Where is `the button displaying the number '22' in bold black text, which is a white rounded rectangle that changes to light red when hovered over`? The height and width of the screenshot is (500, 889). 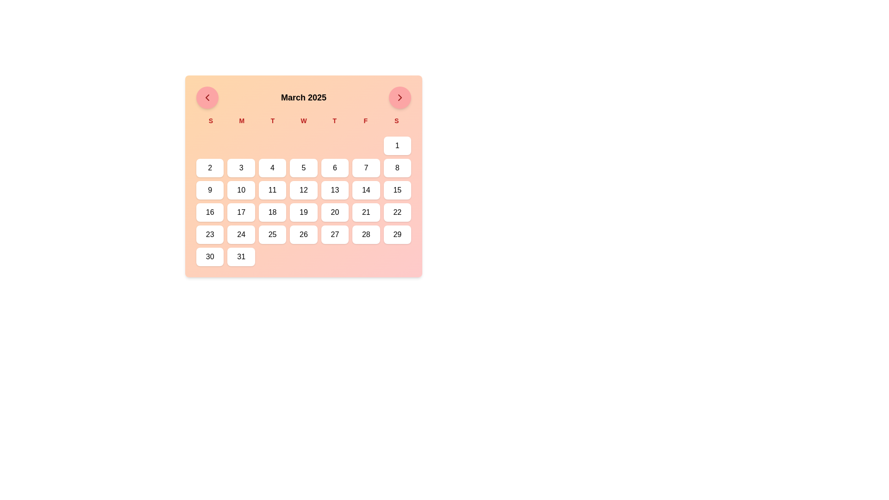 the button displaying the number '22' in bold black text, which is a white rounded rectangle that changes to light red when hovered over is located at coordinates (397, 212).